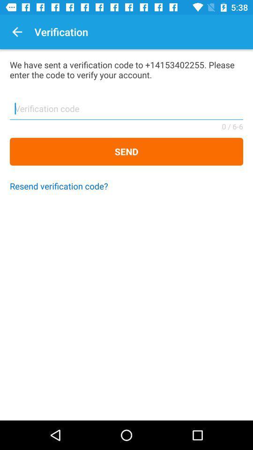 This screenshot has width=253, height=450. Describe the element at coordinates (126, 112) in the screenshot. I see `text box for verification code` at that location.